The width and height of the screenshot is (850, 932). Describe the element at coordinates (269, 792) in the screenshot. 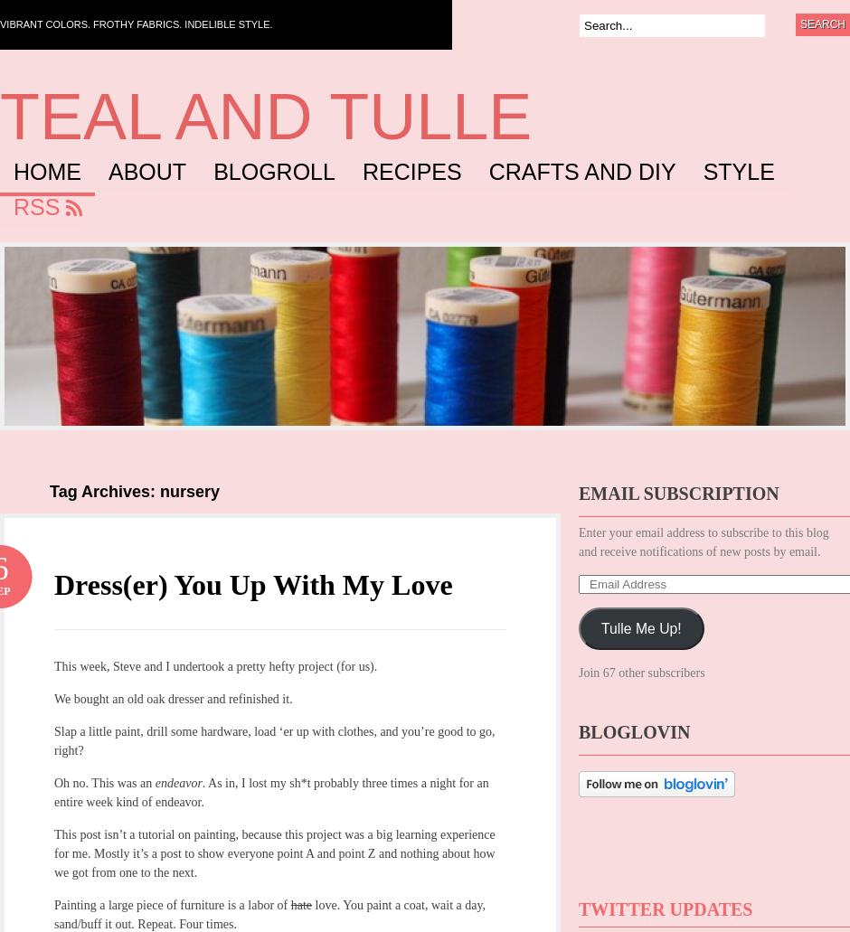

I see `'. As in, I lost my sh*t probably three times a night for an entire week kind of endeavor.'` at that location.